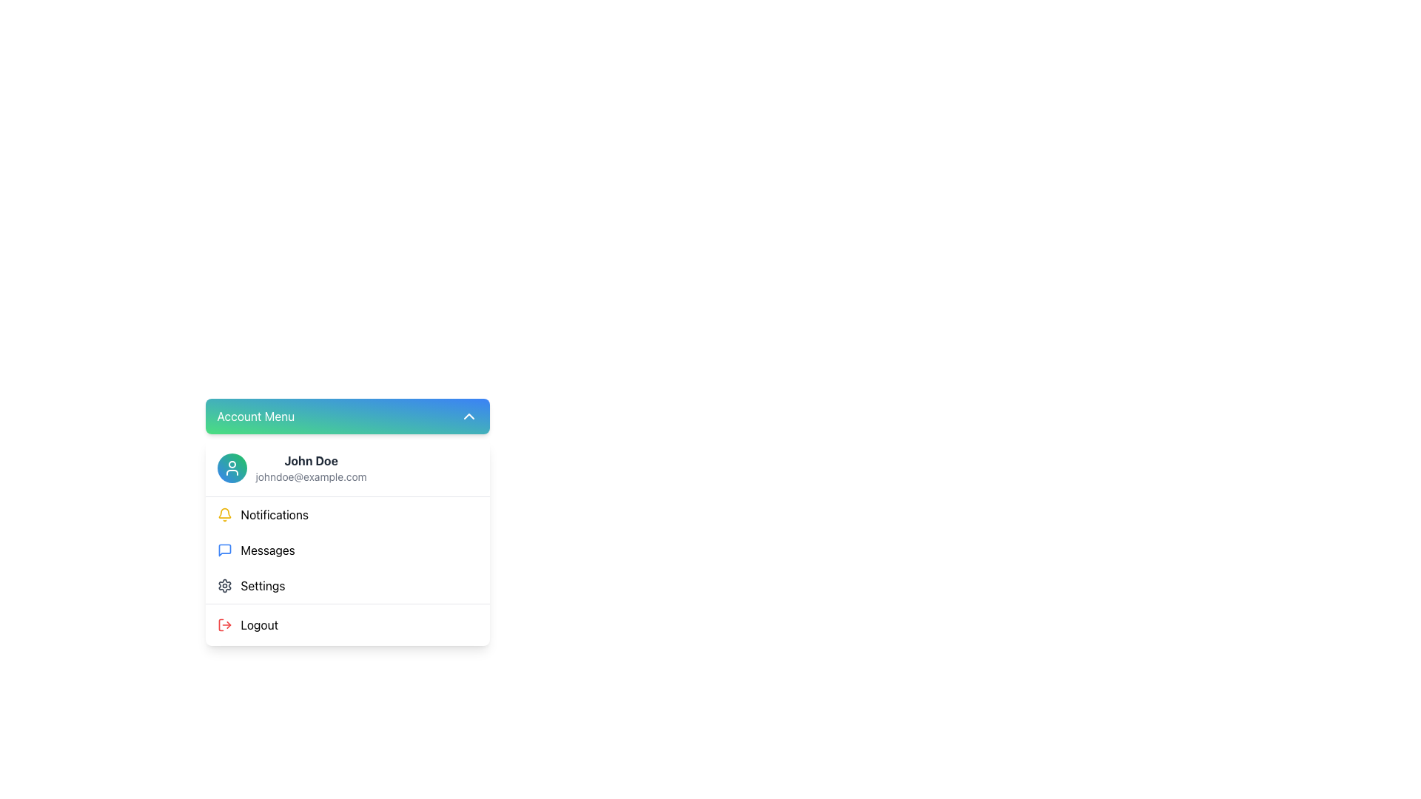 The width and height of the screenshot is (1421, 799). Describe the element at coordinates (224, 584) in the screenshot. I see `the 'Settings' icon in the account menu, which is the leftmost icon associated with configuration options, positioned fourth from the top in the vertical list of options` at that location.